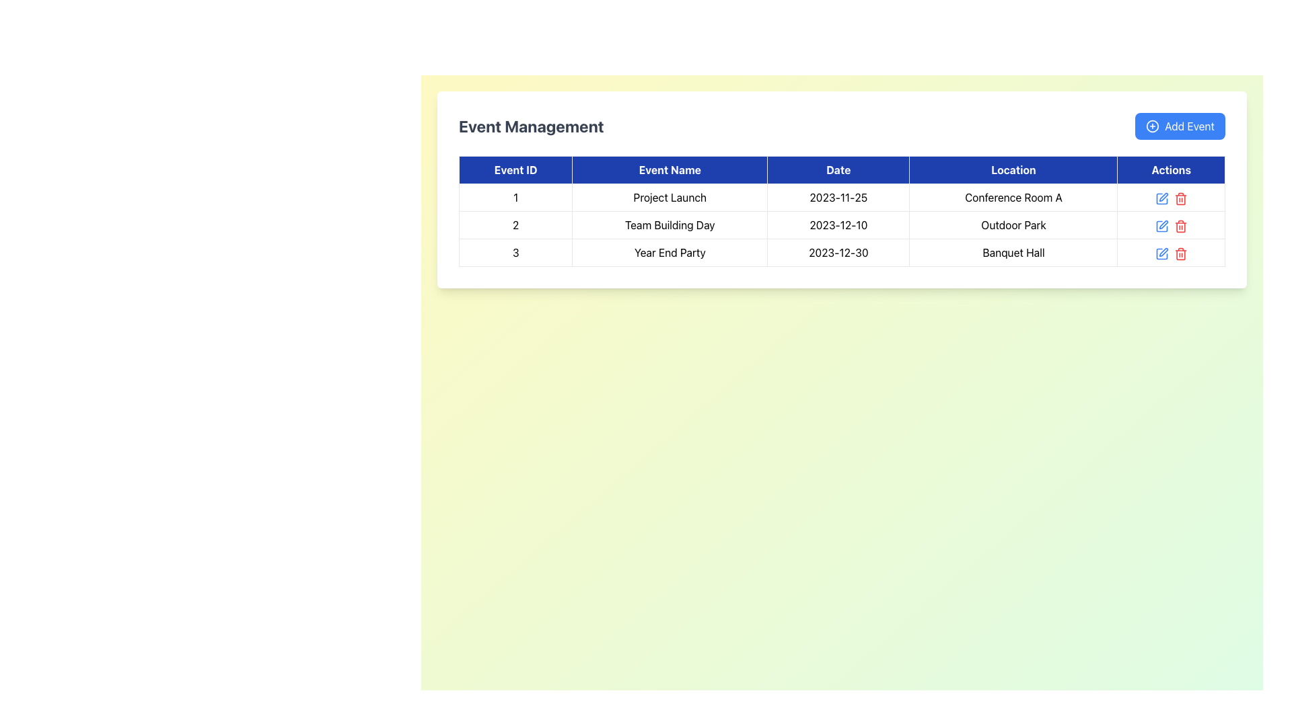  I want to click on the Interactive icon (edit pen symbol) located in the 'Actions' column of the second row in the table, adjacent to the 'Outdoor Park' cell, so click(1161, 225).